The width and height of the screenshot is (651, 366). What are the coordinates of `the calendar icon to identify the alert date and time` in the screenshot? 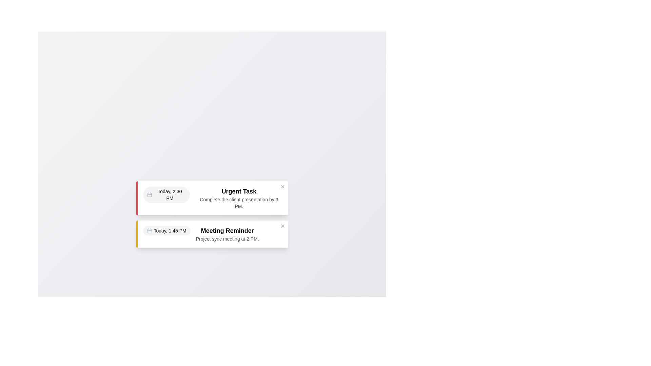 It's located at (149, 195).